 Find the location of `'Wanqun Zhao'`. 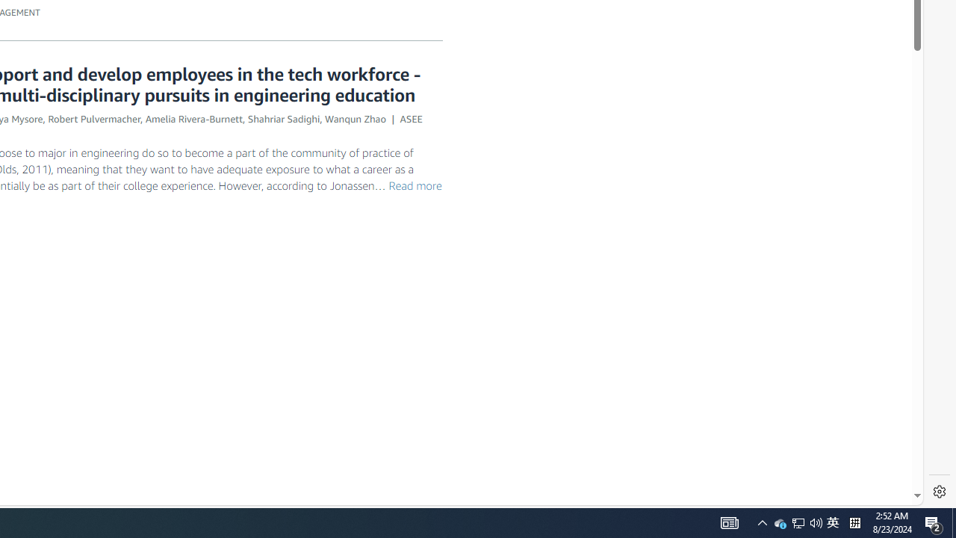

'Wanqun Zhao' is located at coordinates (354, 117).